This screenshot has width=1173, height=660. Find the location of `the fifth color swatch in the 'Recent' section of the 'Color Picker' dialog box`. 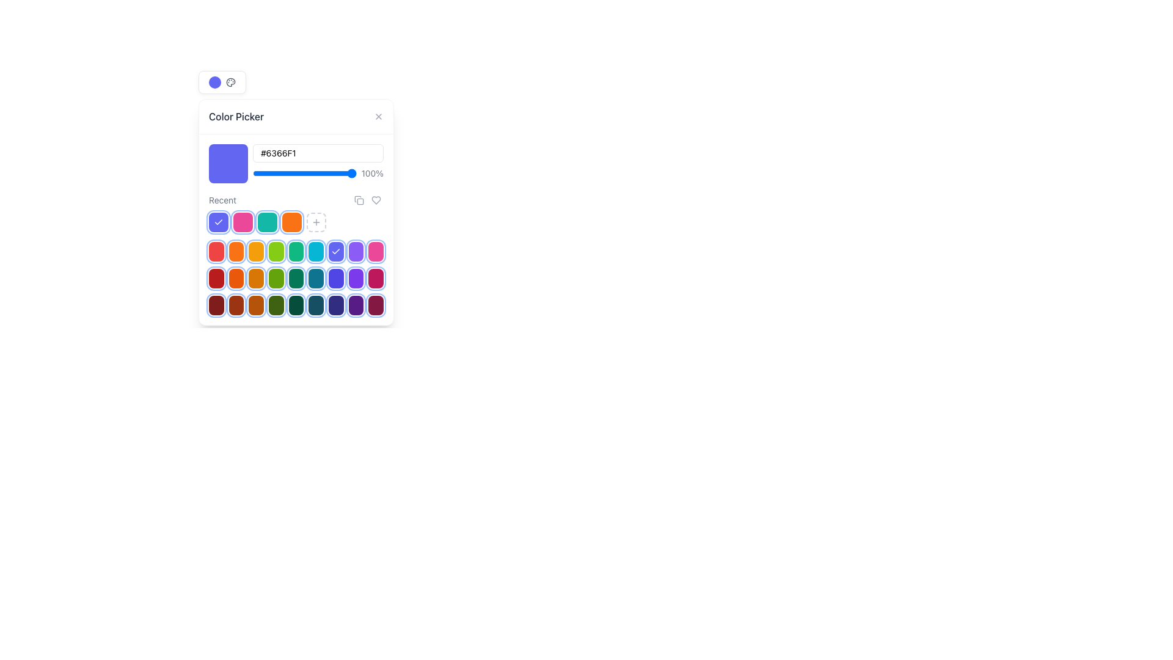

the fifth color swatch in the 'Recent' section of the 'Color Picker' dialog box is located at coordinates (296, 305).